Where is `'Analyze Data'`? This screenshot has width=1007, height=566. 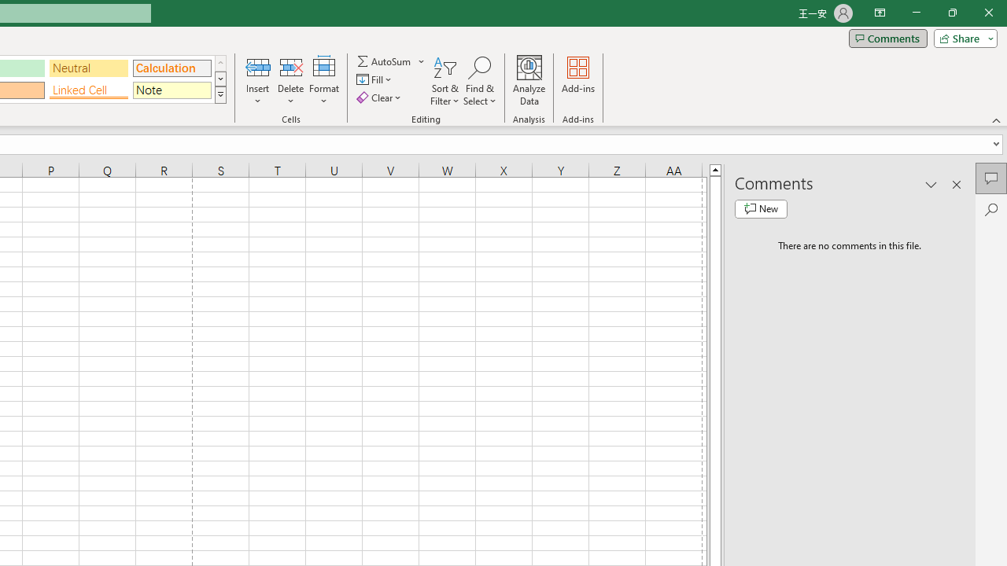 'Analyze Data' is located at coordinates (529, 81).